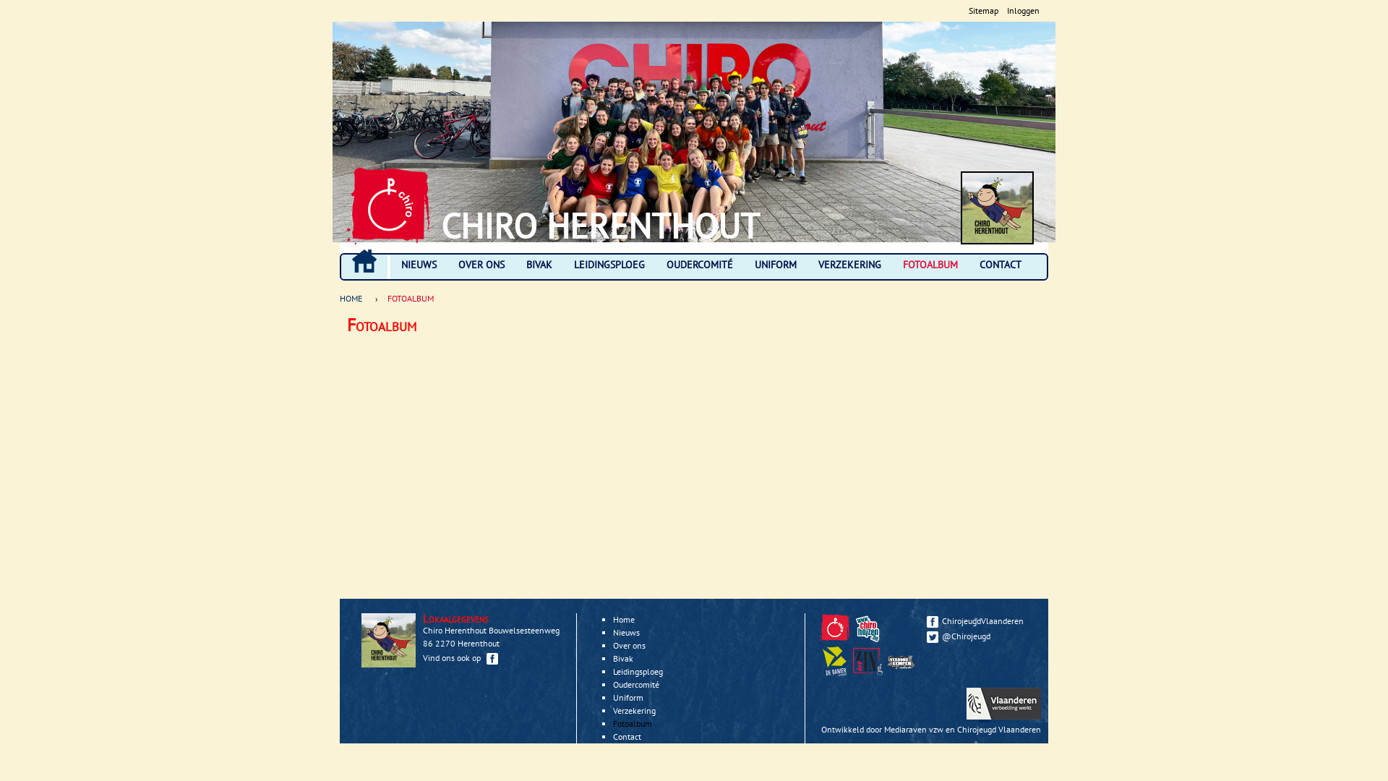 Image resolution: width=1388 pixels, height=781 pixels. I want to click on 'Leidingsploeg', so click(637, 671).